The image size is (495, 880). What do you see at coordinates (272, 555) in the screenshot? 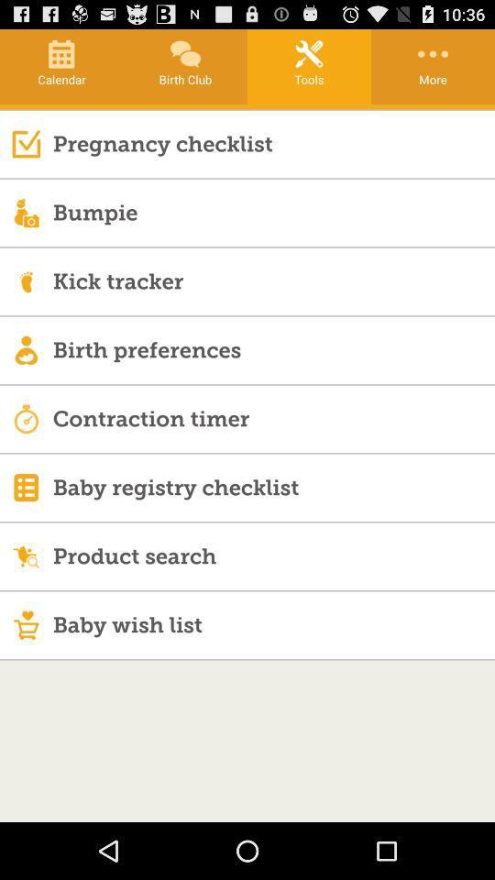
I see `the product search` at bounding box center [272, 555].